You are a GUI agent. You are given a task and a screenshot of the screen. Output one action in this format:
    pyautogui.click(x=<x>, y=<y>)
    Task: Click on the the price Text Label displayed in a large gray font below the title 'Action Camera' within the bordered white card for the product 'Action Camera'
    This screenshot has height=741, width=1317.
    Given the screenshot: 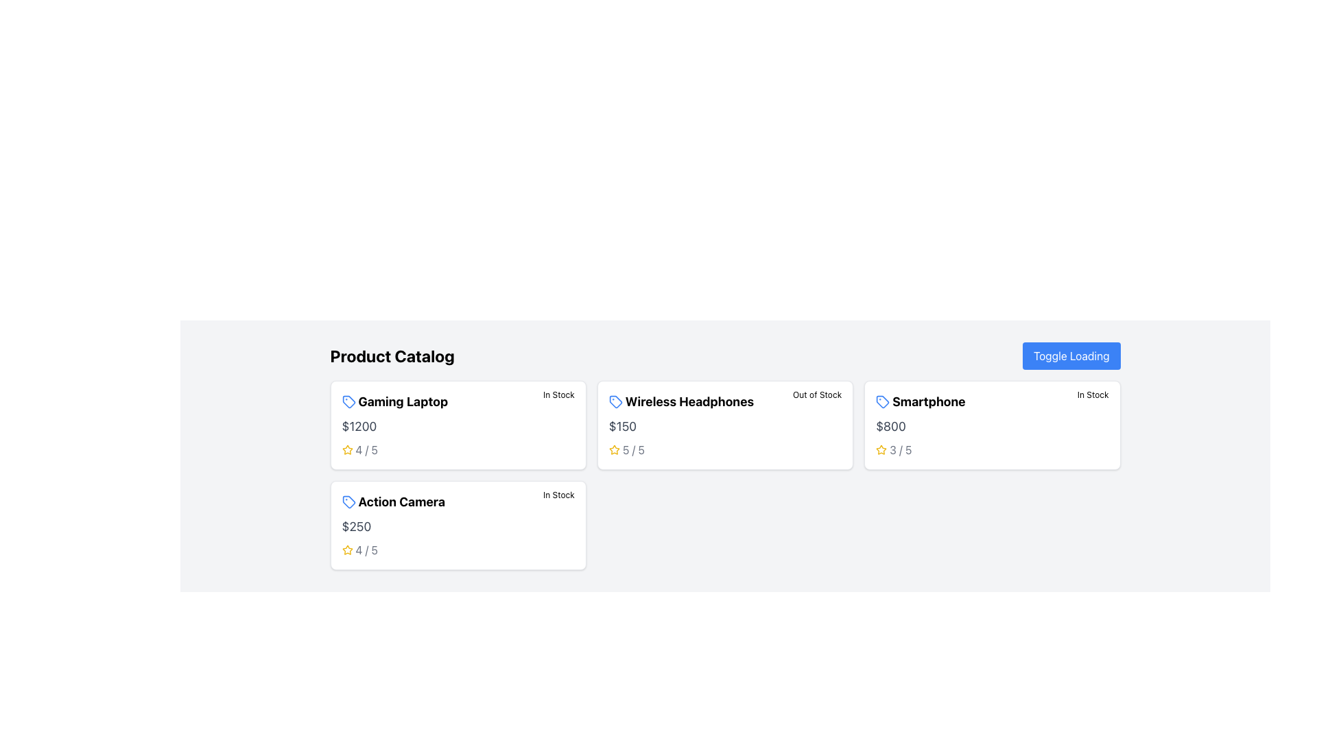 What is the action you would take?
    pyautogui.click(x=356, y=526)
    